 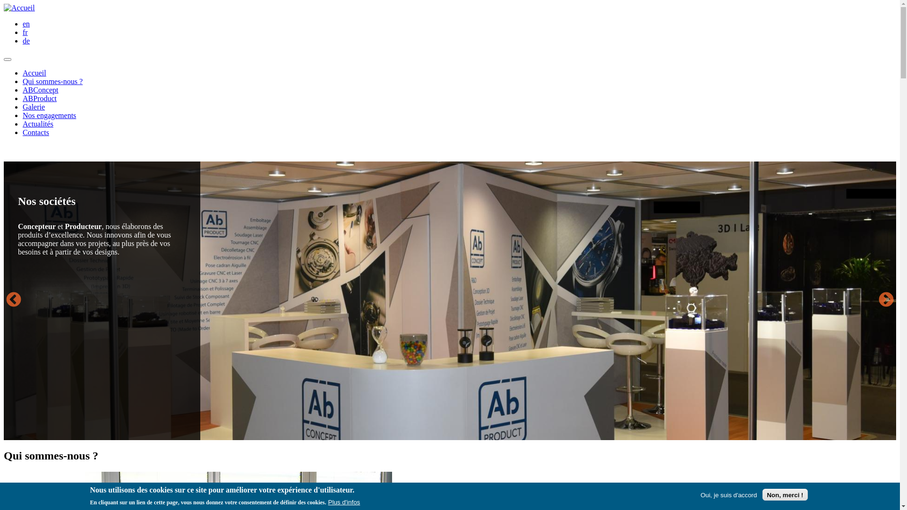 What do you see at coordinates (23, 106) in the screenshot?
I see `'Galerie'` at bounding box center [23, 106].